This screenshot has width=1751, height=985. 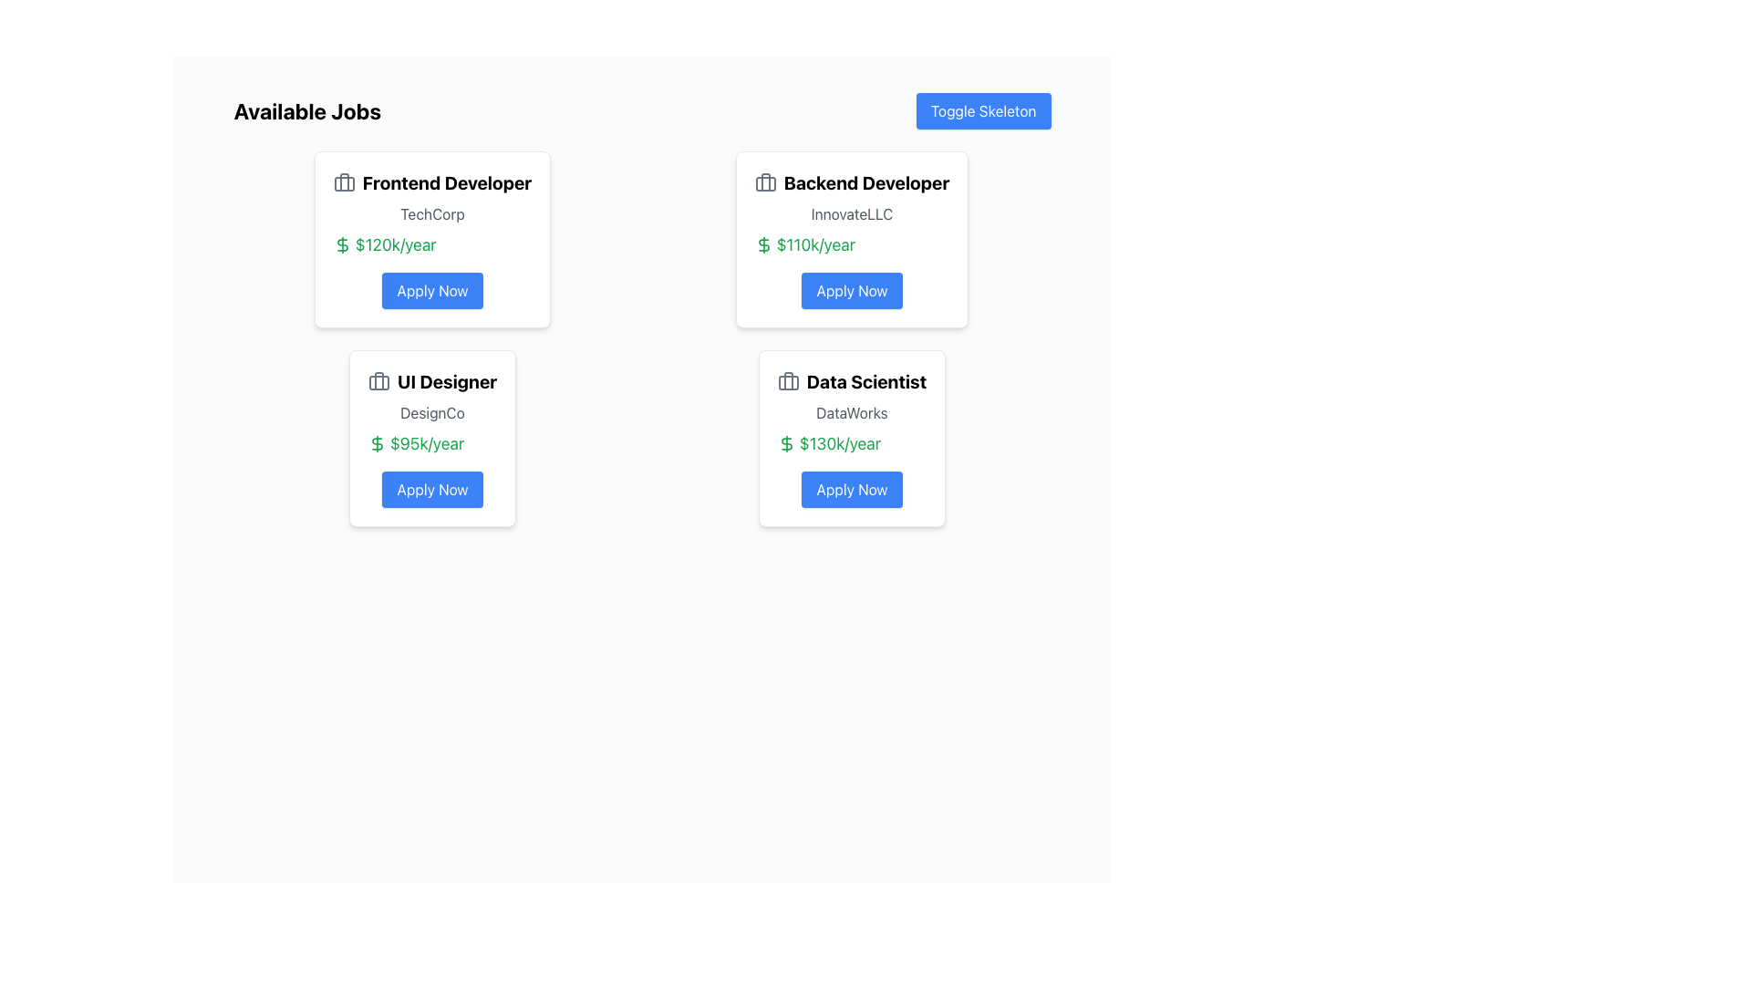 I want to click on the green dollar sign icon located to the left of the salary text '$120k/year' in the 'Frontend Developer' job card, so click(x=342, y=244).